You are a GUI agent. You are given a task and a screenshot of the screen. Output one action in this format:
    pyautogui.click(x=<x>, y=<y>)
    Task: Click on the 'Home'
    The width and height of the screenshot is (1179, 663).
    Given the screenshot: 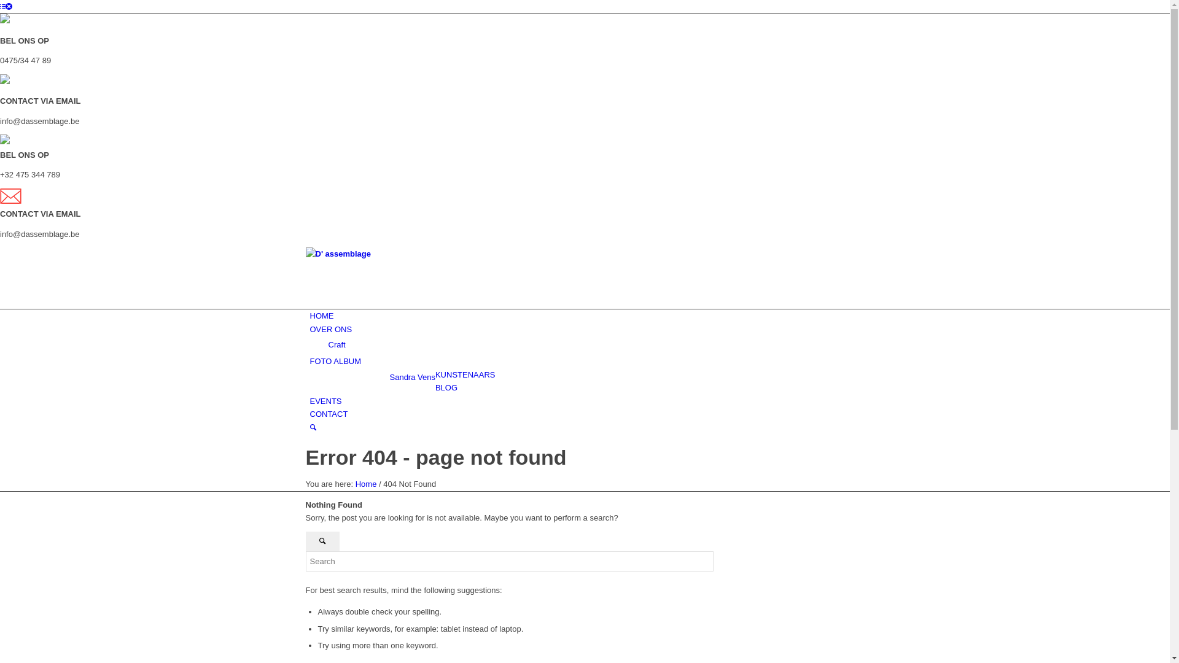 What is the action you would take?
    pyautogui.click(x=365, y=483)
    